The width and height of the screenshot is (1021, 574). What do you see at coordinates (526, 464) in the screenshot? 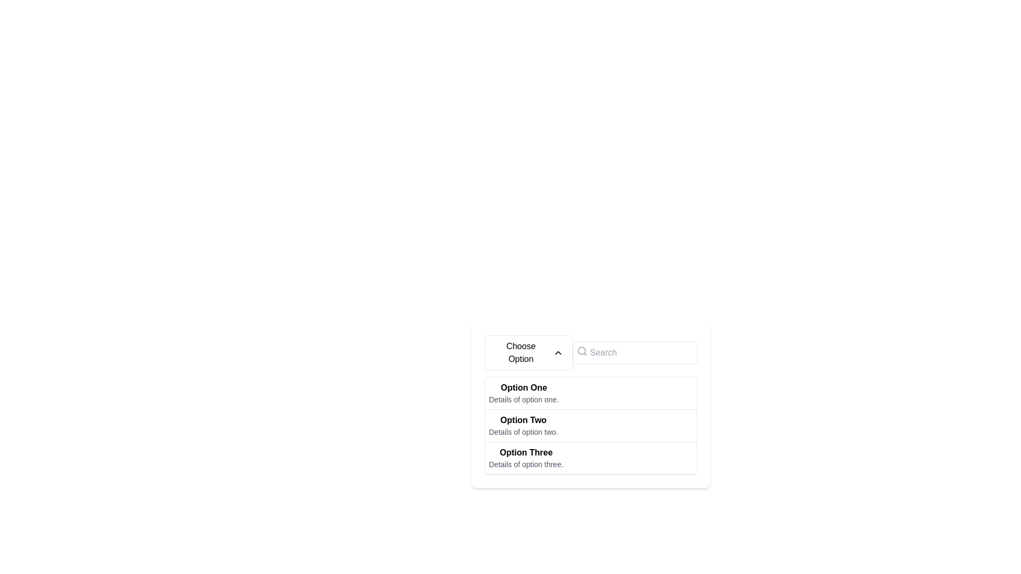
I see `the text label displaying 'Details of option three.' located beneath the title 'Option Three' in the dropdown menu` at bounding box center [526, 464].